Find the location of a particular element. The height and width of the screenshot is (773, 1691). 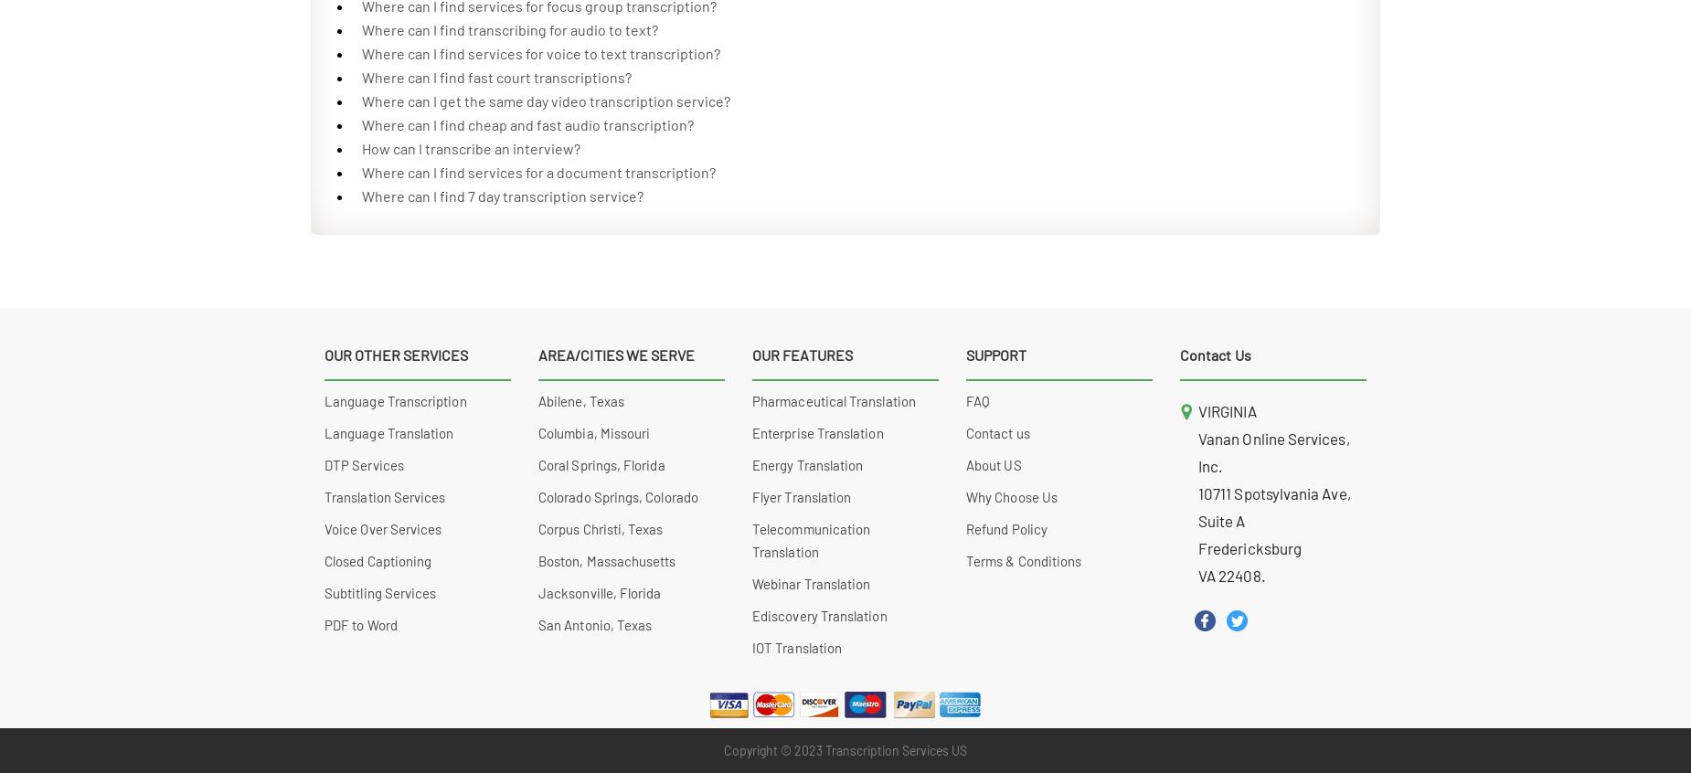

'Refund Policy' is located at coordinates (1005, 528).